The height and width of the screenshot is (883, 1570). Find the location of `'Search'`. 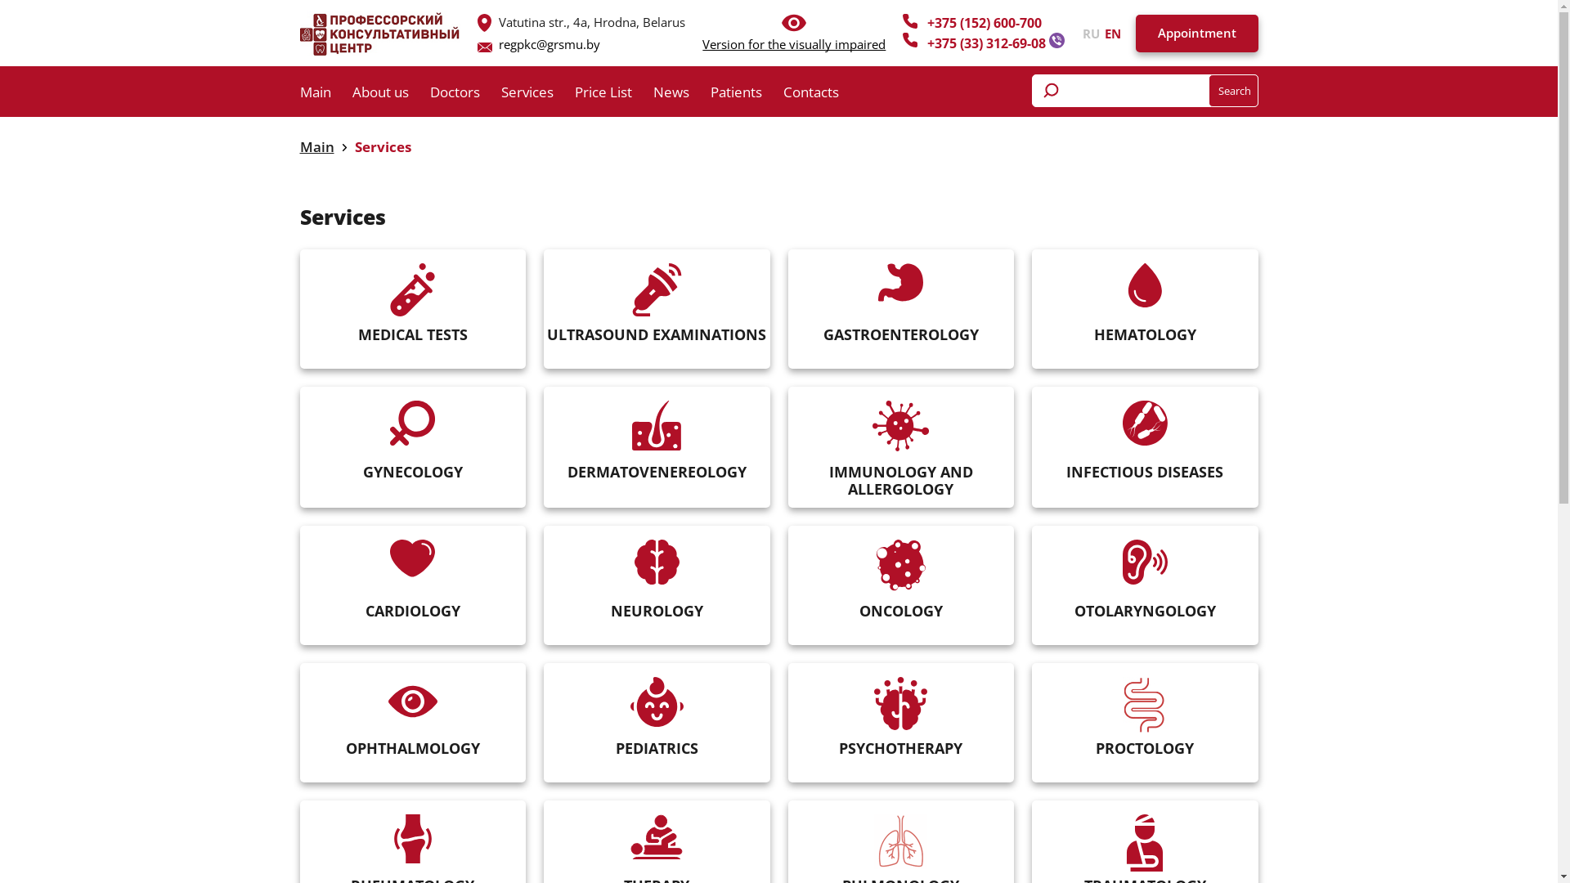

'Search' is located at coordinates (1233, 91).